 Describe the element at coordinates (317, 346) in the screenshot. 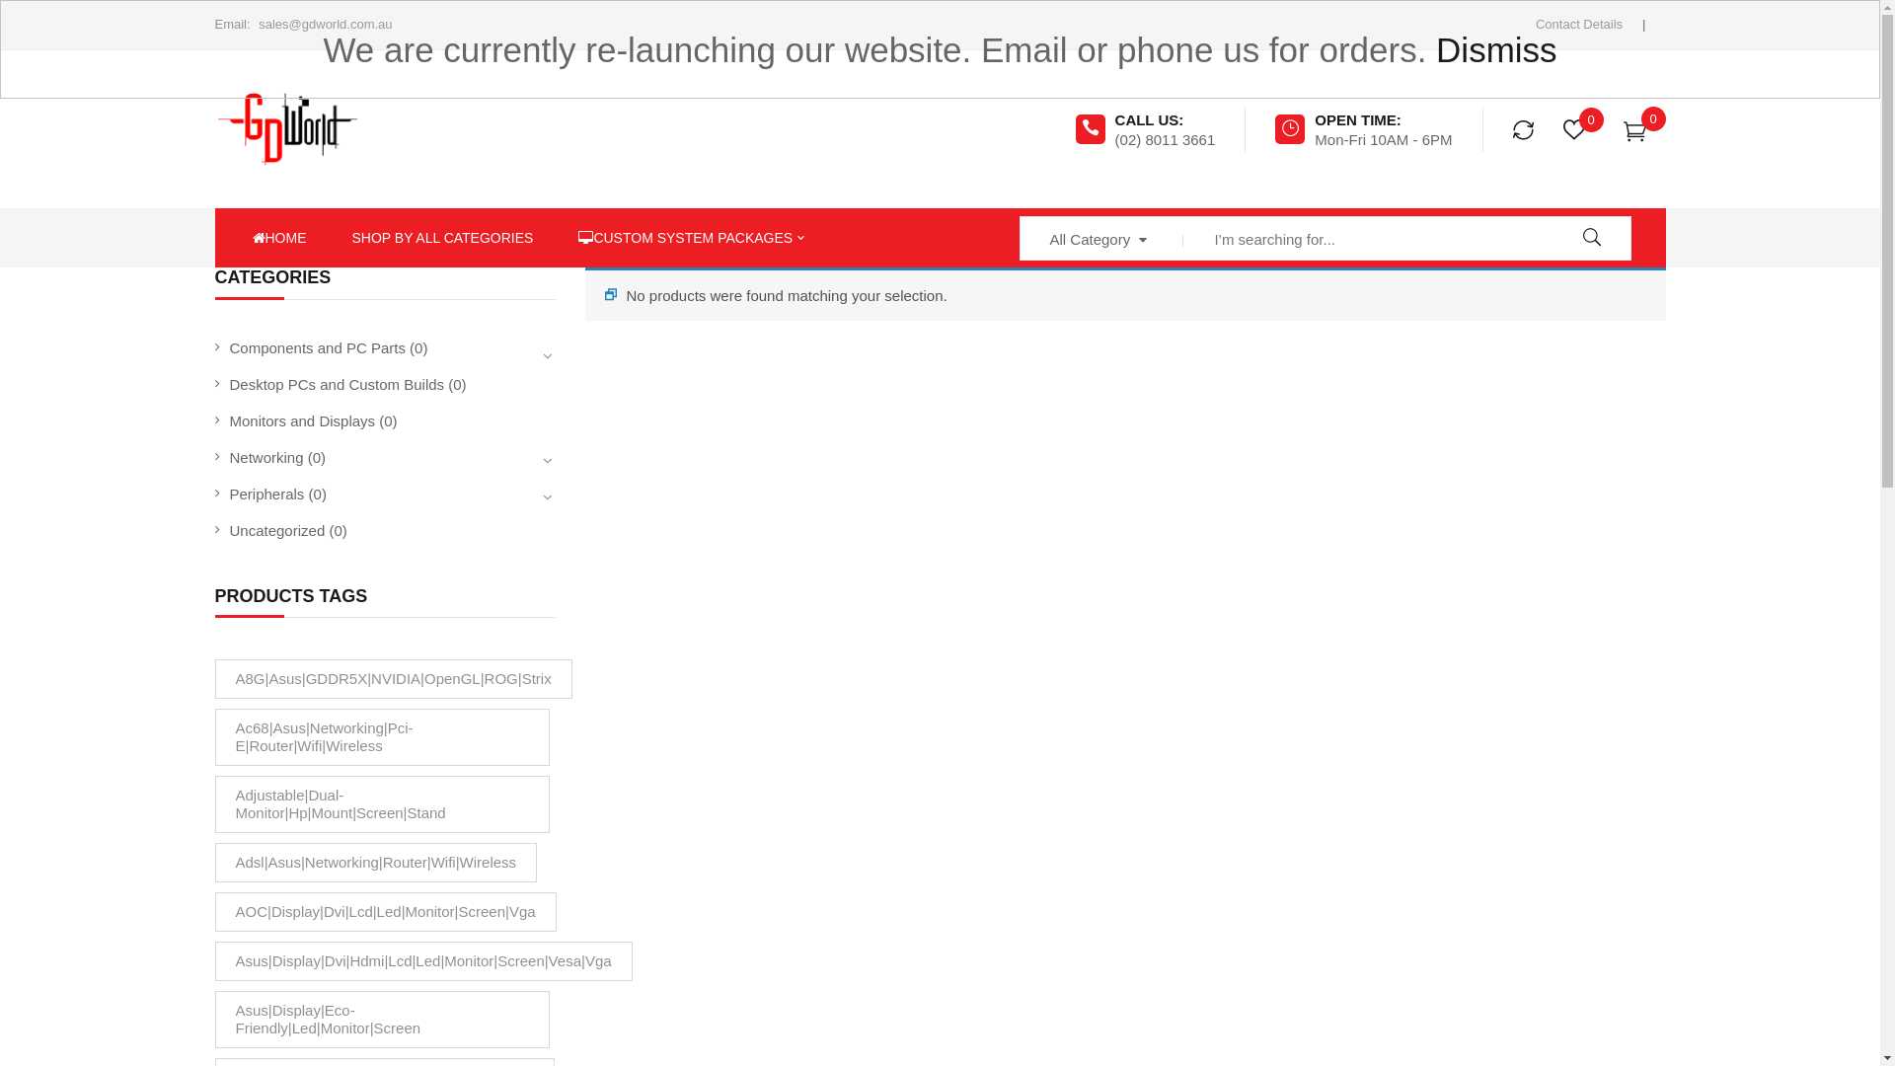

I see `'Components and PC Parts'` at that location.